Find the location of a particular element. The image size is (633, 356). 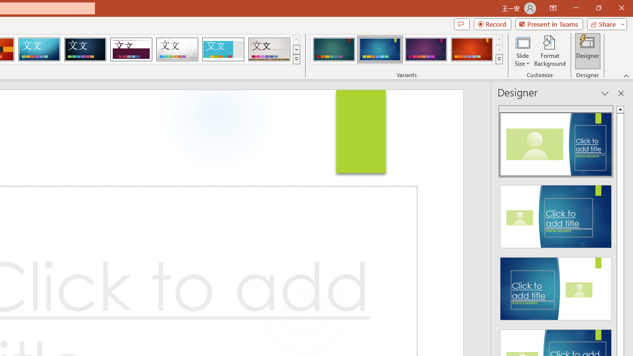

'Ion Variant 1' is located at coordinates (334, 49).